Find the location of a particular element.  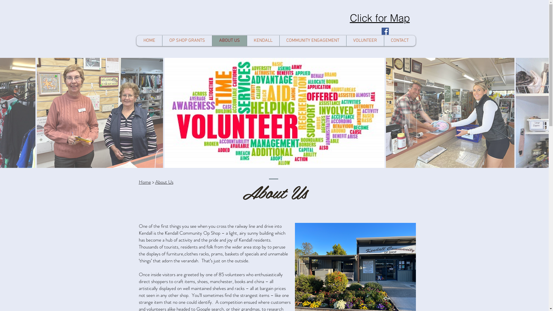

'Click for Map' is located at coordinates (380, 17).